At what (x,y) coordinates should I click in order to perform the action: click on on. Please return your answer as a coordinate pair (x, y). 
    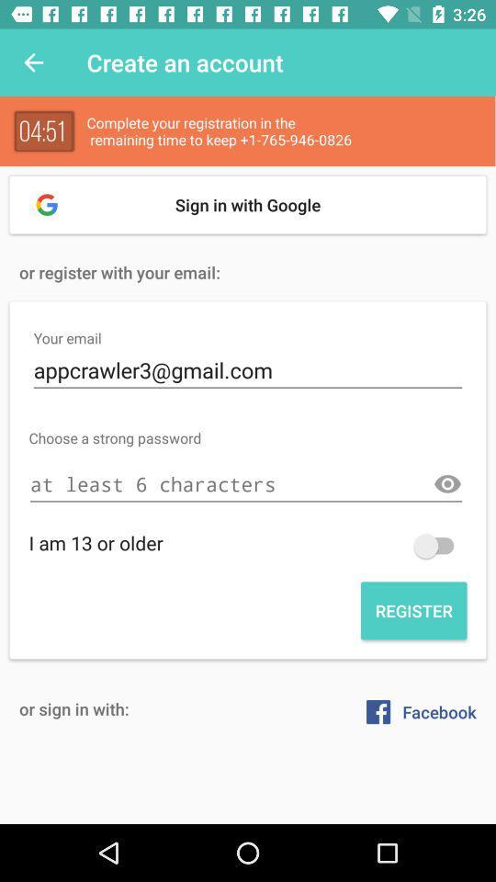
    Looking at the image, I should click on (437, 546).